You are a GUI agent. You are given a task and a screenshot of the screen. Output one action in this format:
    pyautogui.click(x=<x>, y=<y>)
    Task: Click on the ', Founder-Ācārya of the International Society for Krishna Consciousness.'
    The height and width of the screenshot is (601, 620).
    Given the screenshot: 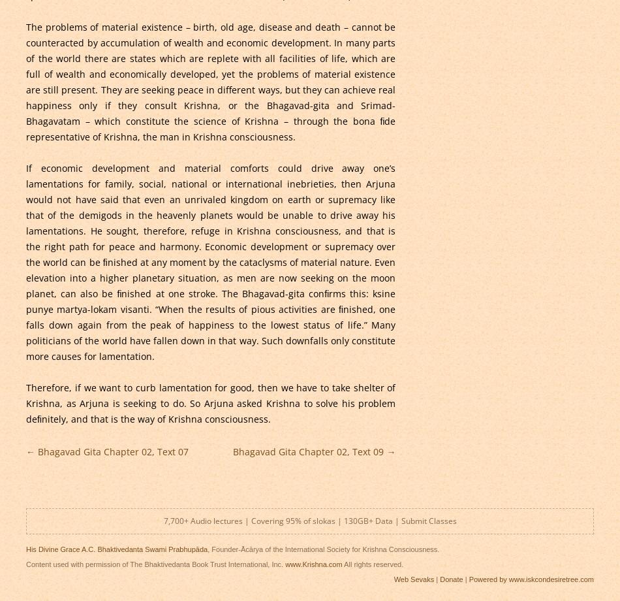 What is the action you would take?
    pyautogui.click(x=323, y=547)
    